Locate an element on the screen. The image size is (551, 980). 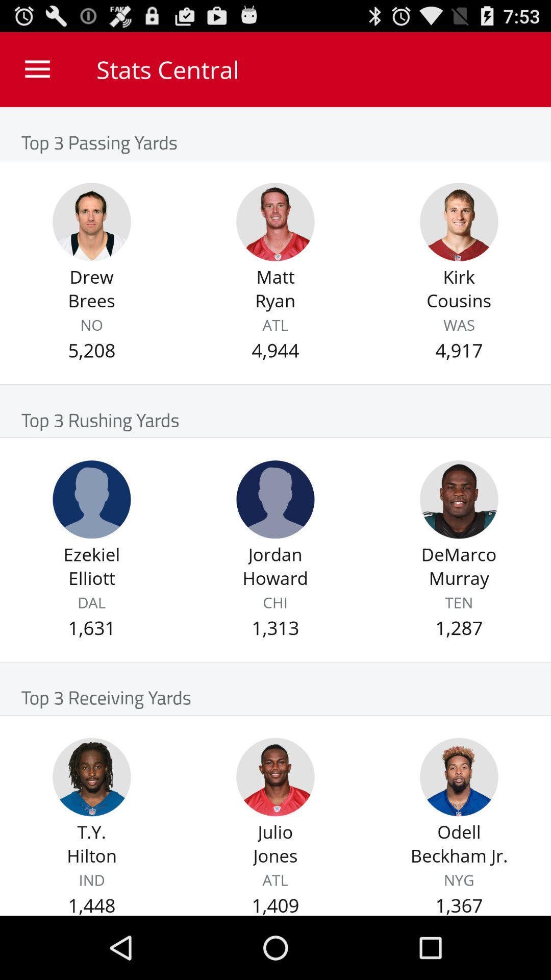
player profile is located at coordinates (275, 499).